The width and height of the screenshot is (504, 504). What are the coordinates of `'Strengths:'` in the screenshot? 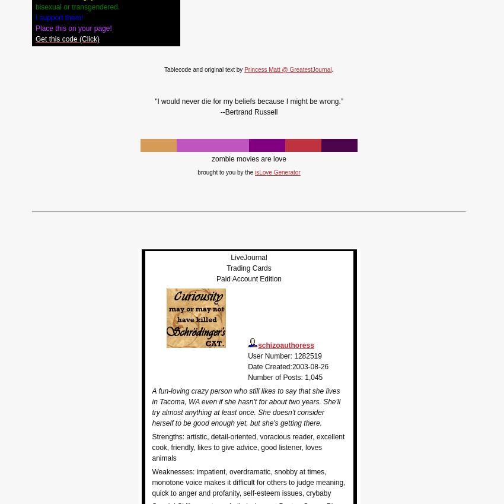 It's located at (151, 436).